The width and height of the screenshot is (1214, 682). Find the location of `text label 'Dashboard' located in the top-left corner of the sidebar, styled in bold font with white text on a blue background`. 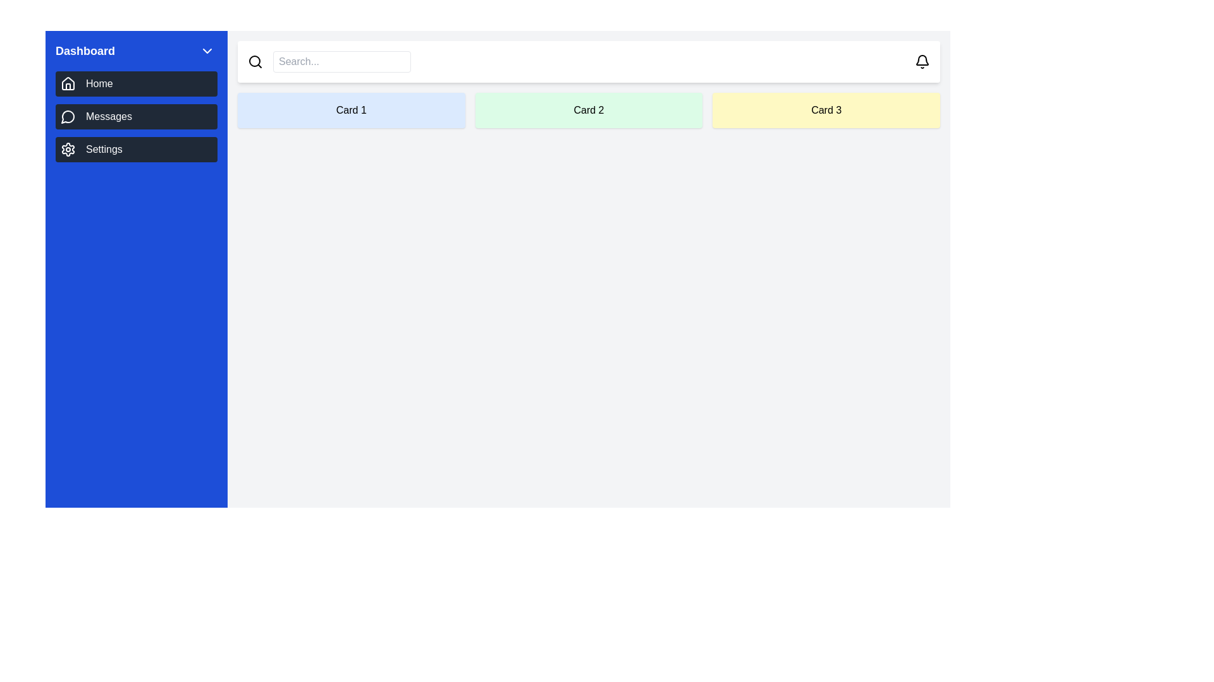

text label 'Dashboard' located in the top-left corner of the sidebar, styled in bold font with white text on a blue background is located at coordinates (84, 51).